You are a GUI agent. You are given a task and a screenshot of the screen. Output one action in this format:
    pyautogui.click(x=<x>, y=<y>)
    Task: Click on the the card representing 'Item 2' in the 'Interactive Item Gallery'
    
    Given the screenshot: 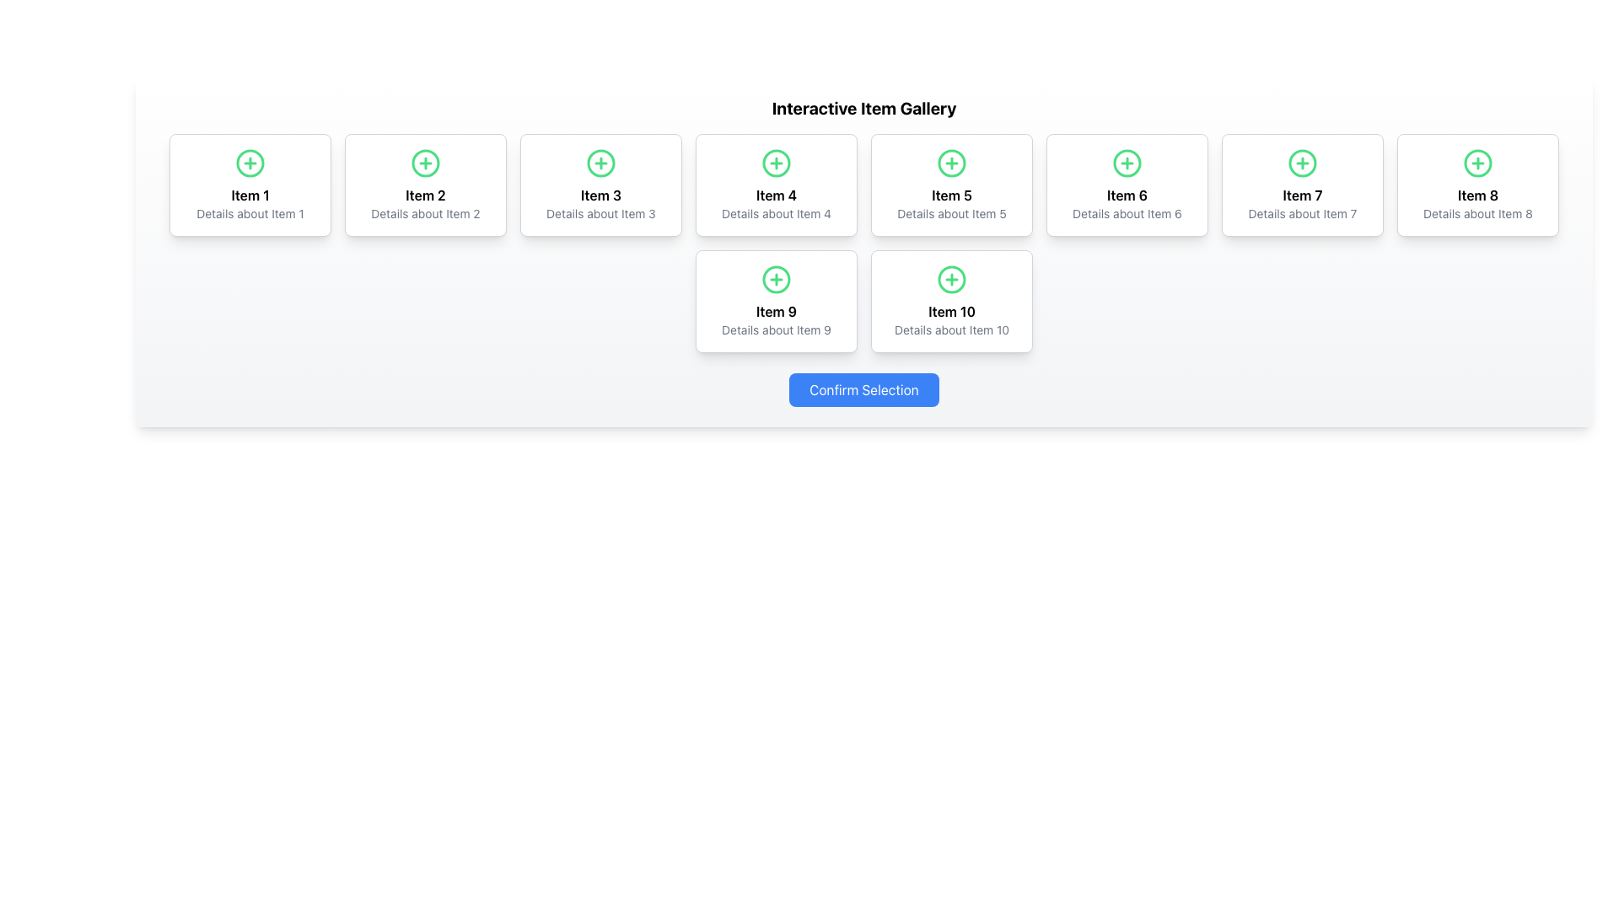 What is the action you would take?
    pyautogui.click(x=425, y=185)
    